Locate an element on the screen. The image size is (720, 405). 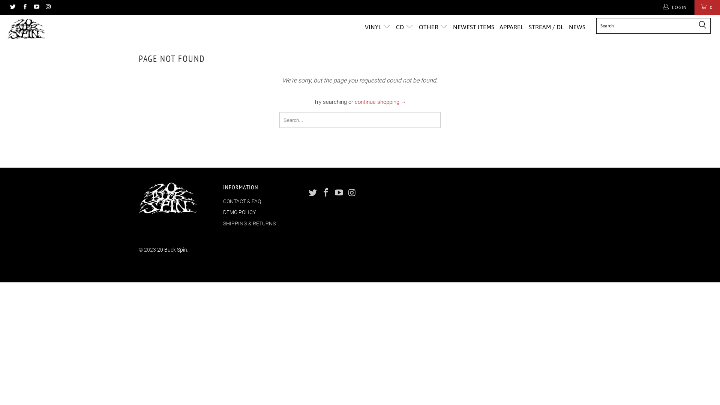
'OTHER' is located at coordinates (418, 27).